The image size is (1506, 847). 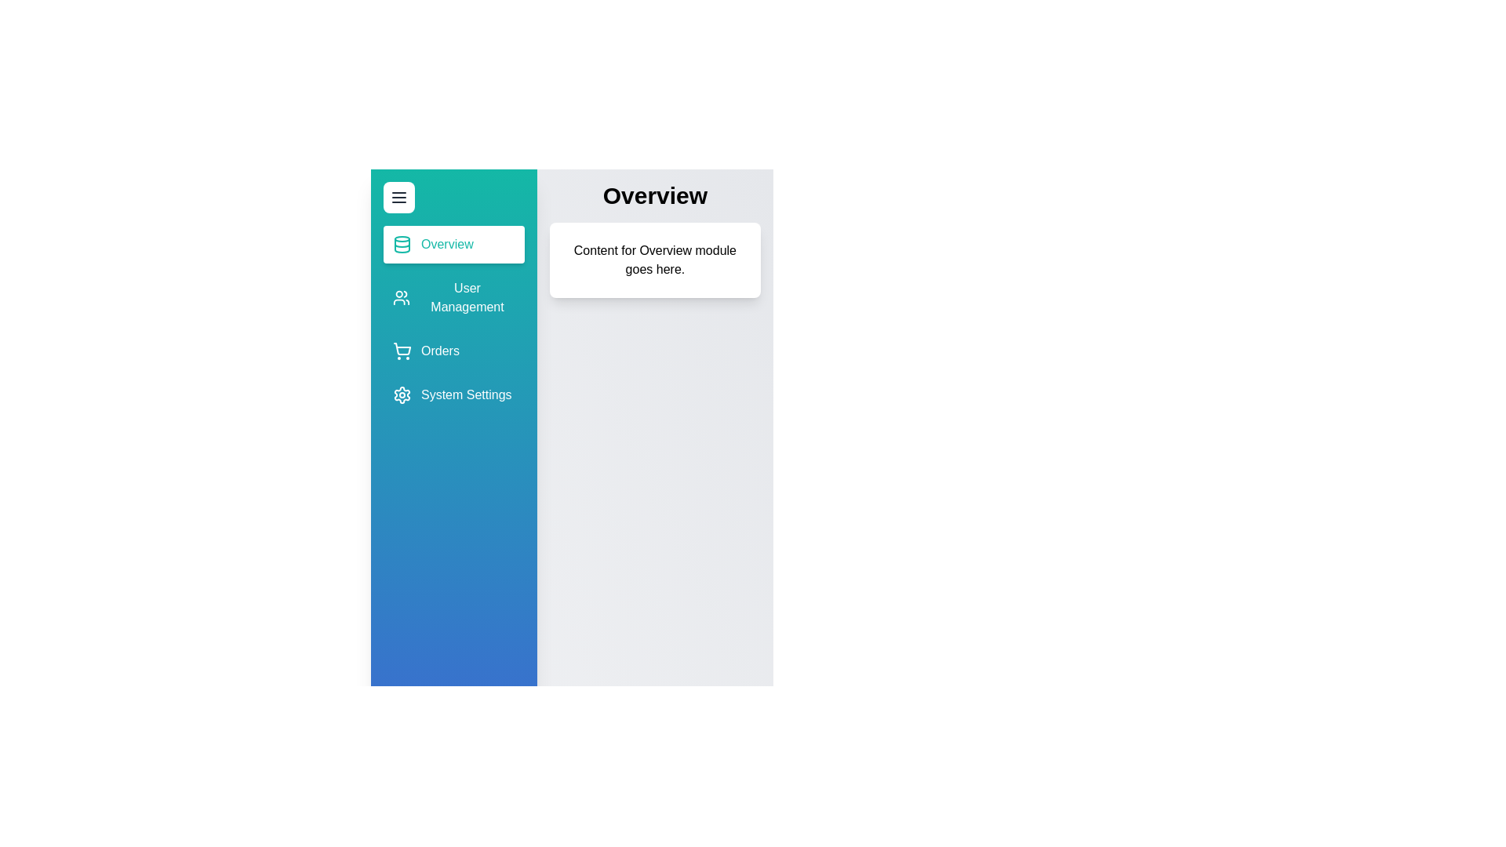 What do you see at coordinates (453, 298) in the screenshot?
I see `the module User Management from the sidebar` at bounding box center [453, 298].